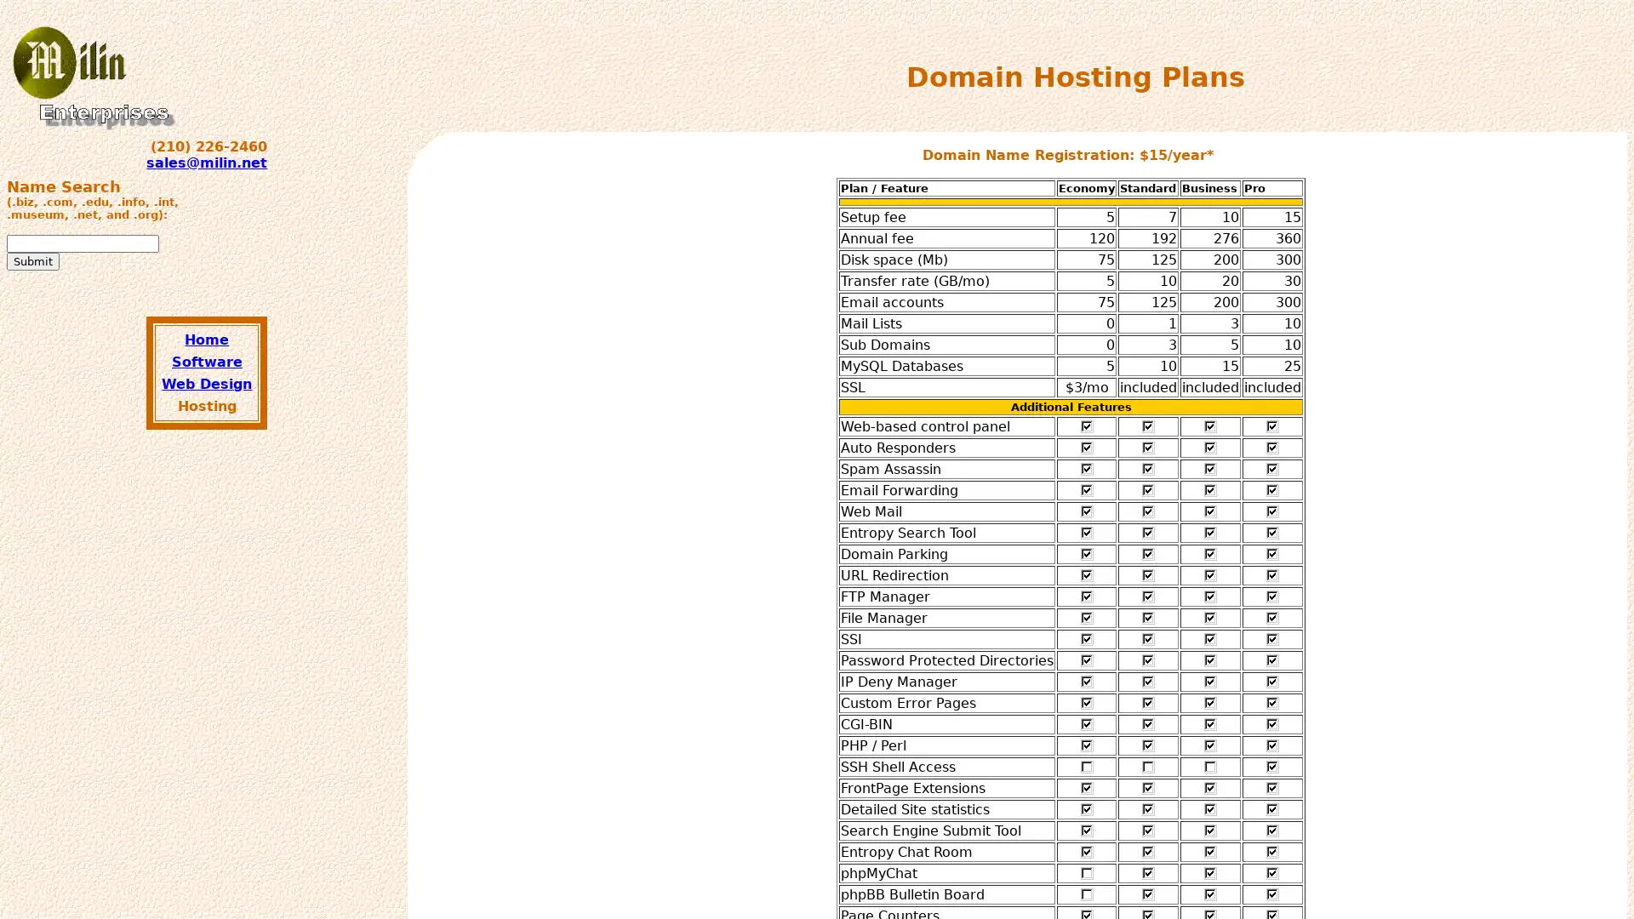 The width and height of the screenshot is (1634, 919). Describe the element at coordinates (32, 261) in the screenshot. I see `Submit` at that location.